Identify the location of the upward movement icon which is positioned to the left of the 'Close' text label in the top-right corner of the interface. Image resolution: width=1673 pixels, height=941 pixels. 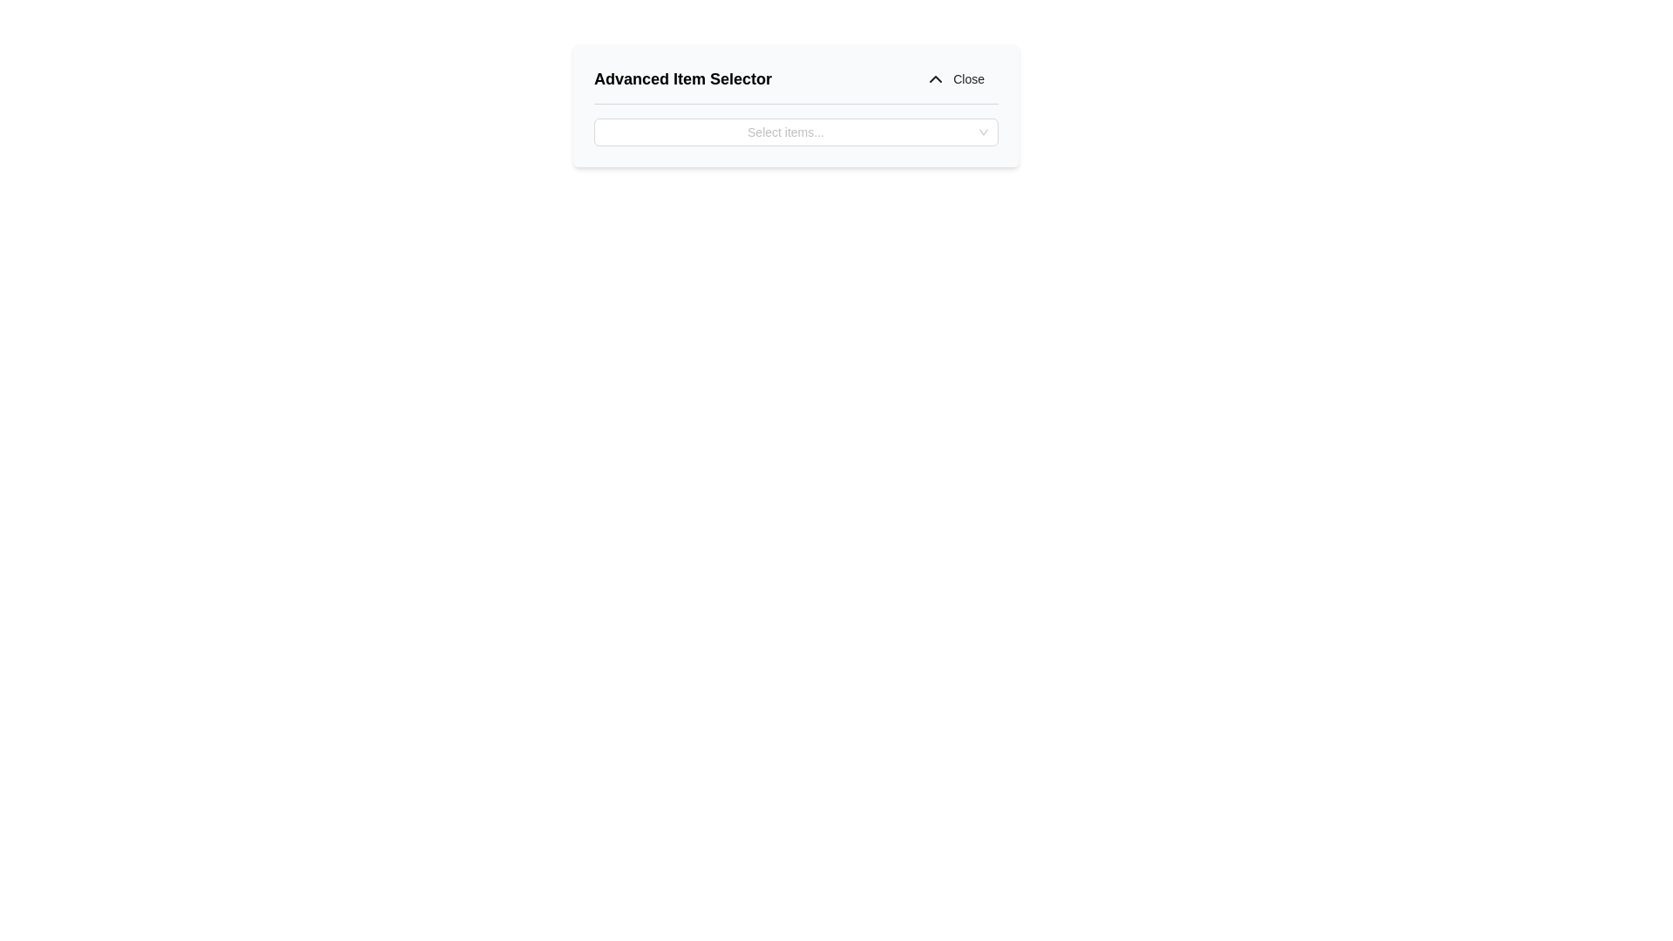
(935, 79).